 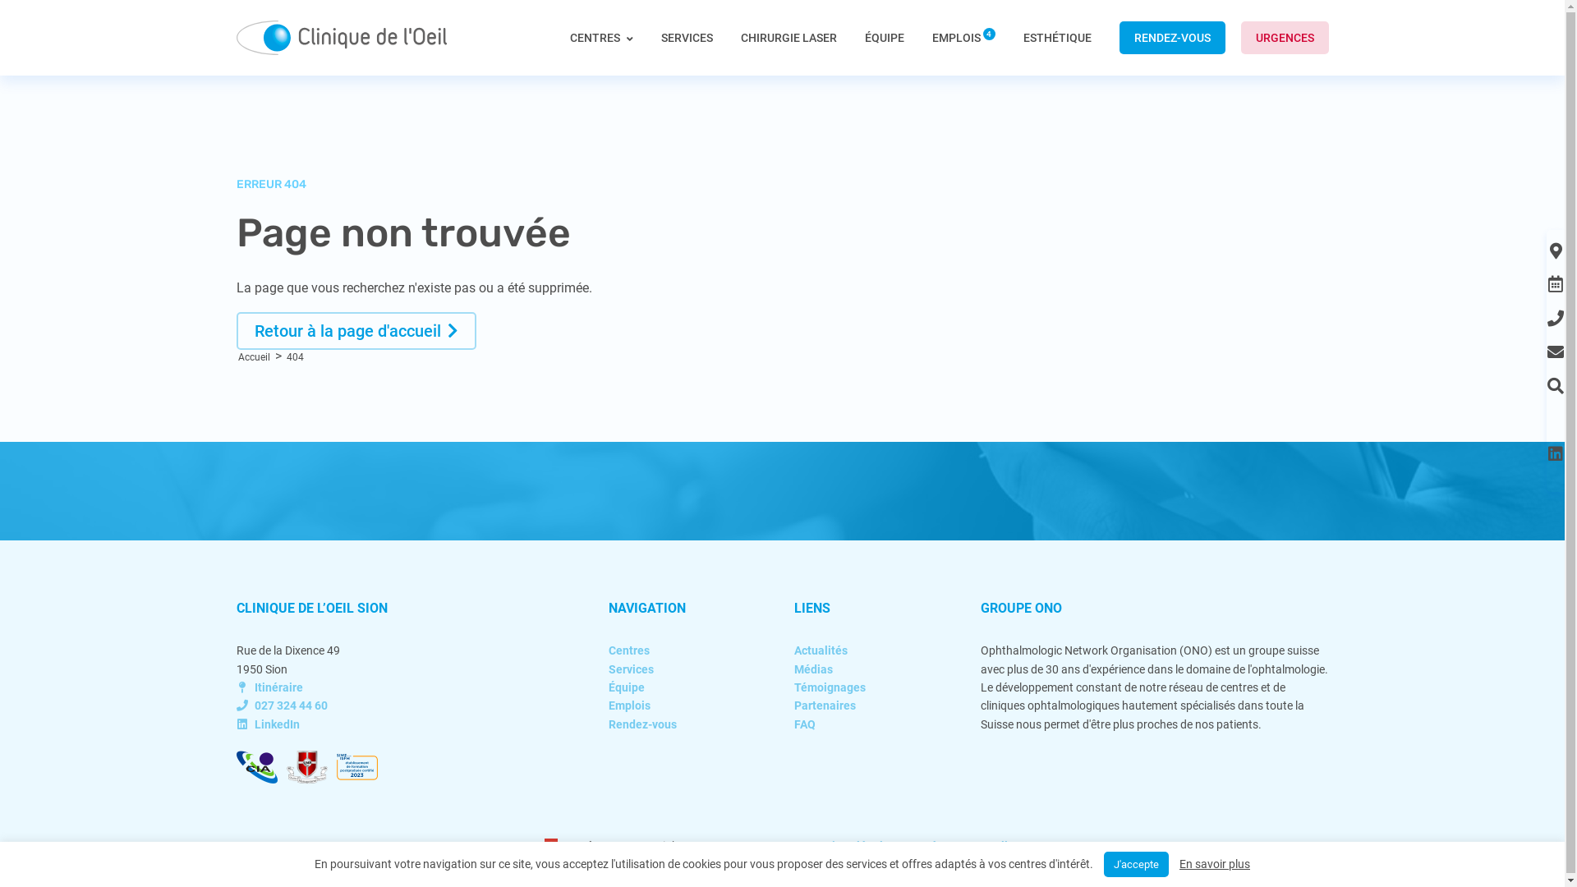 I want to click on '027 324 44 60', so click(x=282, y=705).